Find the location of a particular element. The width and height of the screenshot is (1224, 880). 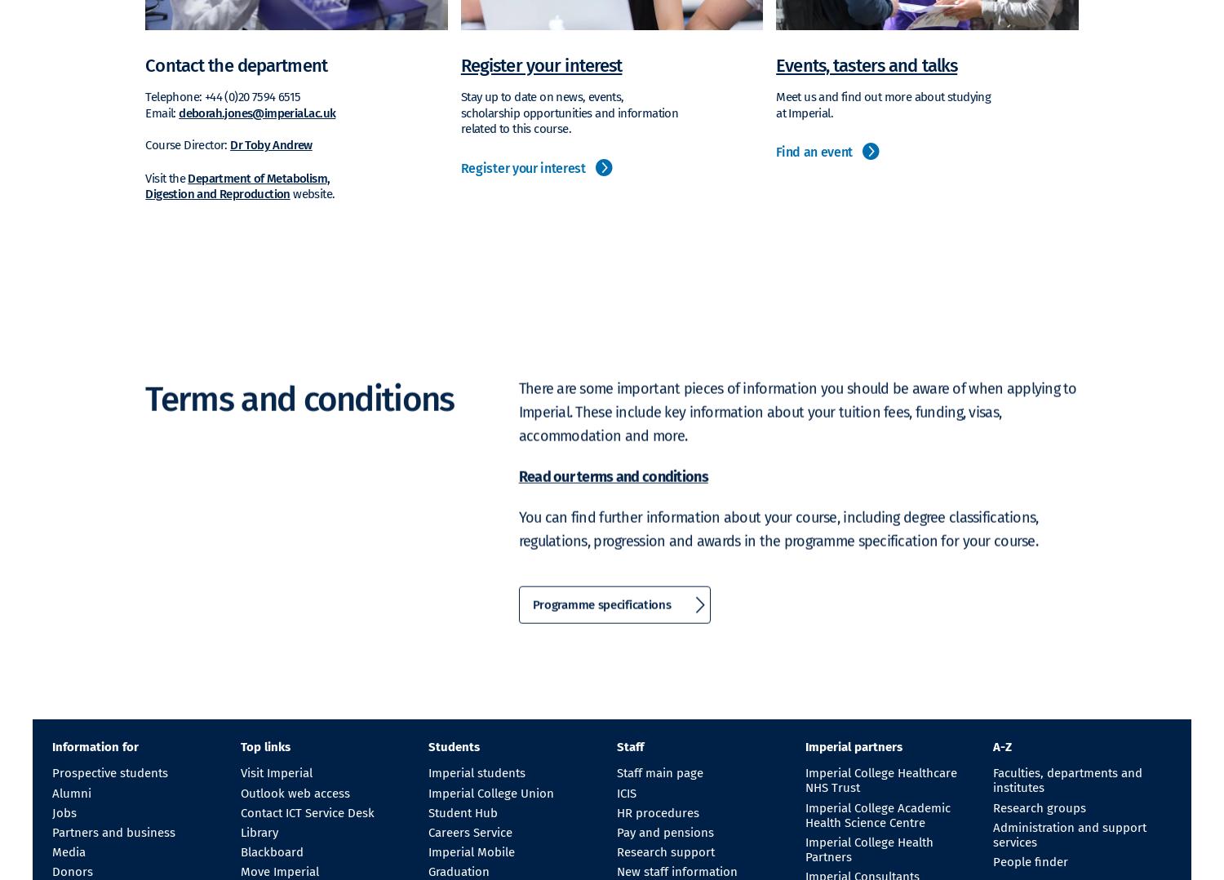

'Imperial College Union' is located at coordinates (490, 791).